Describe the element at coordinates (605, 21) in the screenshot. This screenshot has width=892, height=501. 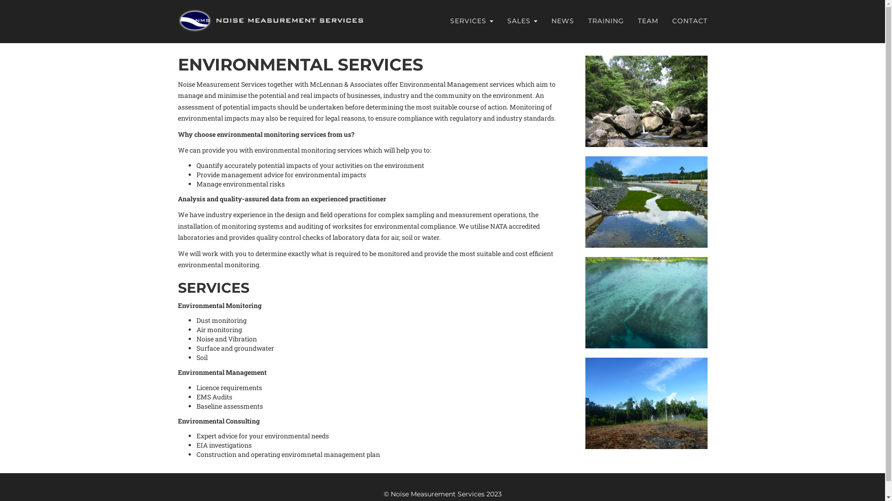
I see `'TRAINING'` at that location.